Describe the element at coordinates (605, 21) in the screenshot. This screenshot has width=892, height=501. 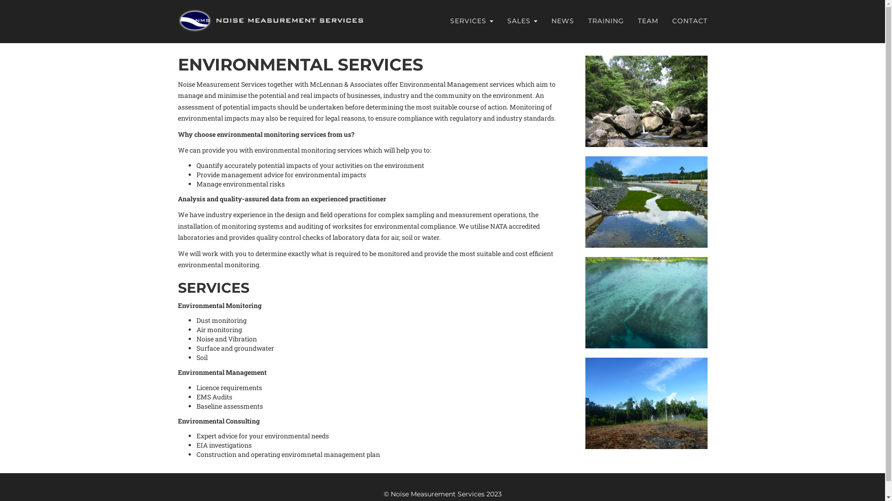
I see `'TRAINING'` at that location.